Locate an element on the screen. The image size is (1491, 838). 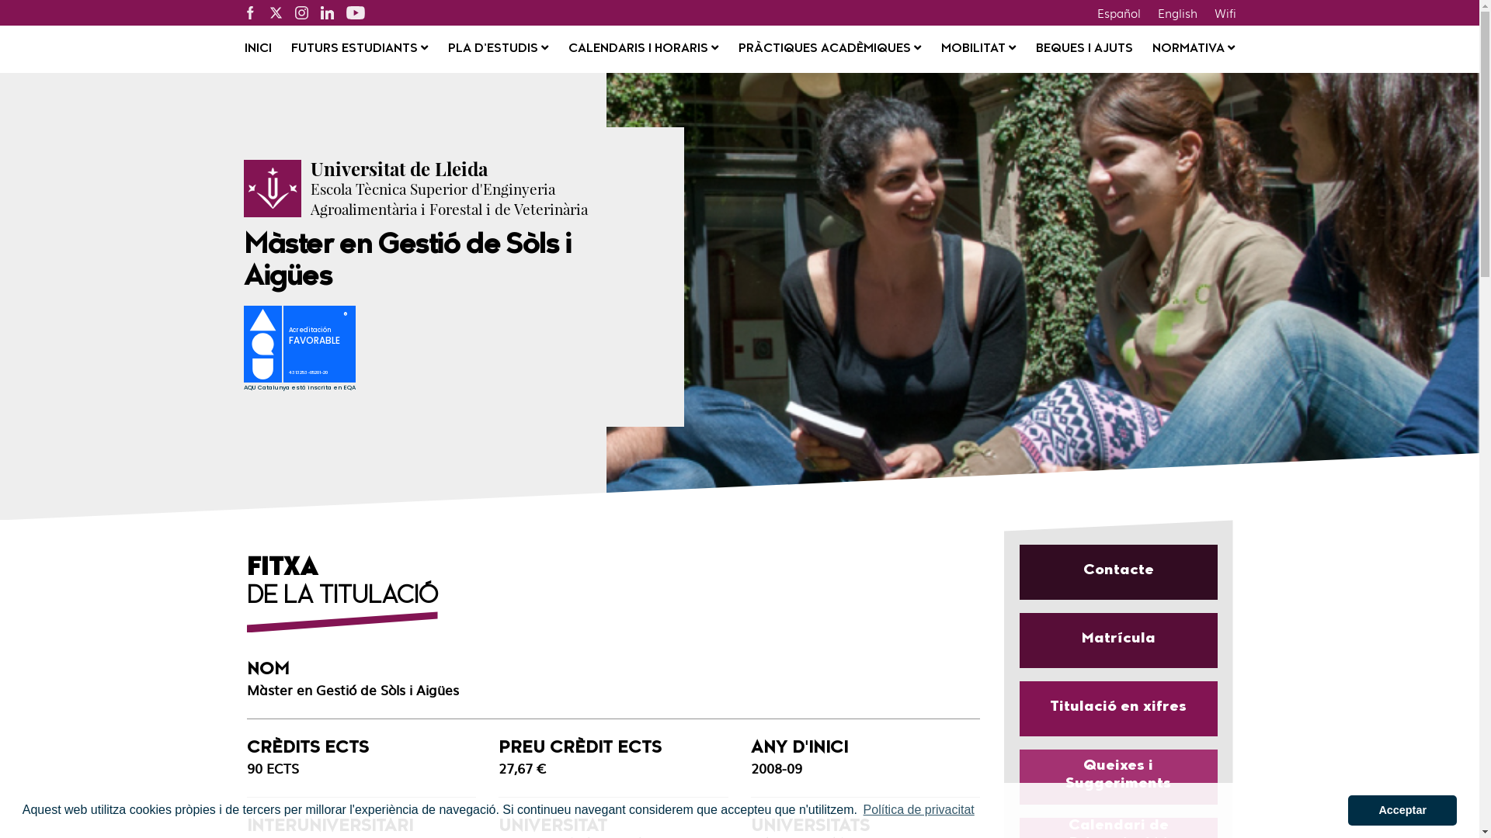
'BEQUES I AJUTS' is located at coordinates (1083, 49).